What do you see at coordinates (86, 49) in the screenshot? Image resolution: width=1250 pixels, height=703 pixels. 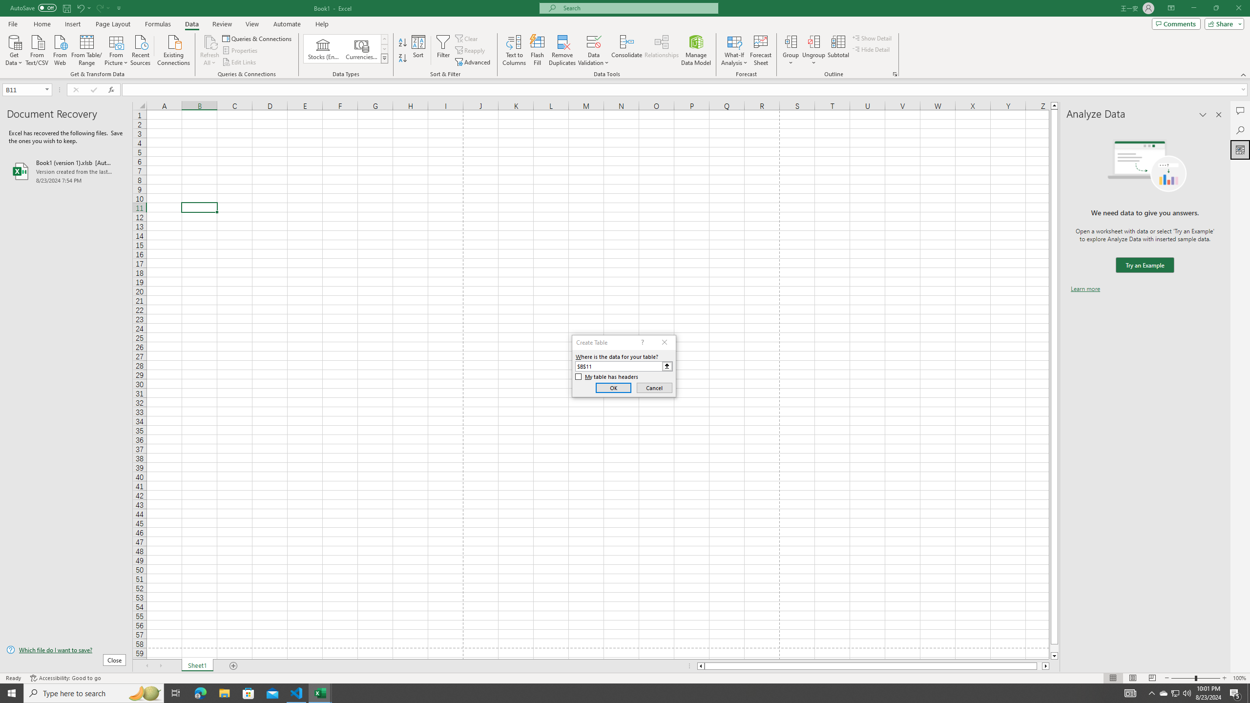 I see `'From Table/Range'` at bounding box center [86, 49].